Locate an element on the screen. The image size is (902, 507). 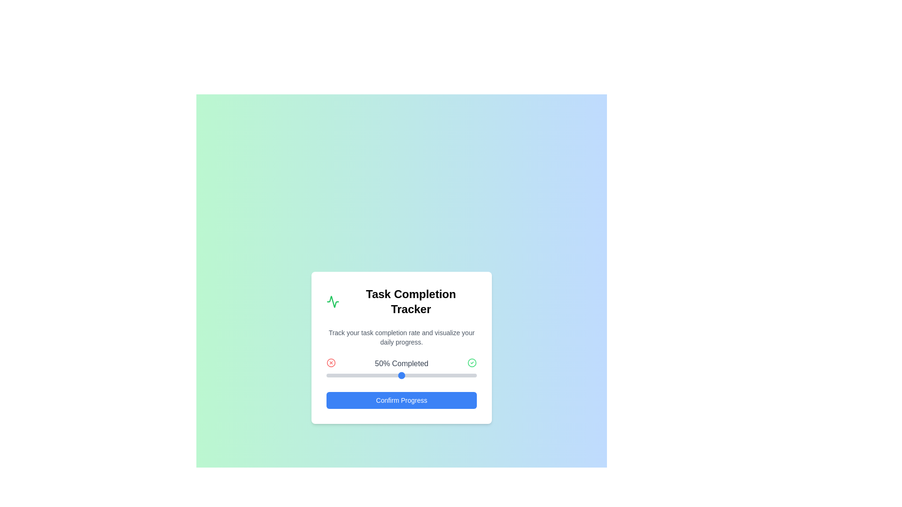
the progress slider to 74% is located at coordinates (437, 375).